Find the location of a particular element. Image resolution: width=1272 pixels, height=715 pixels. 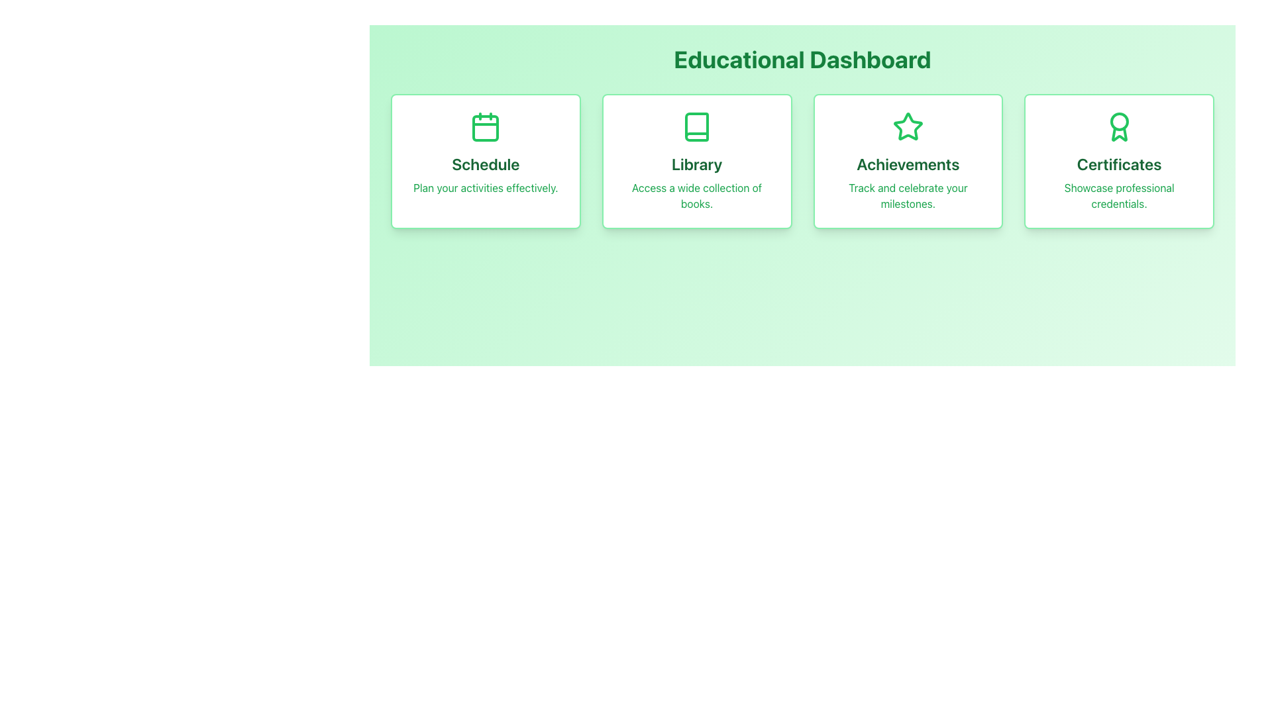

the text element that says 'Access a wide collection of books.' which is styled in green color and located in the second card from the left in the Educational Dashboard interface is located at coordinates (696, 196).